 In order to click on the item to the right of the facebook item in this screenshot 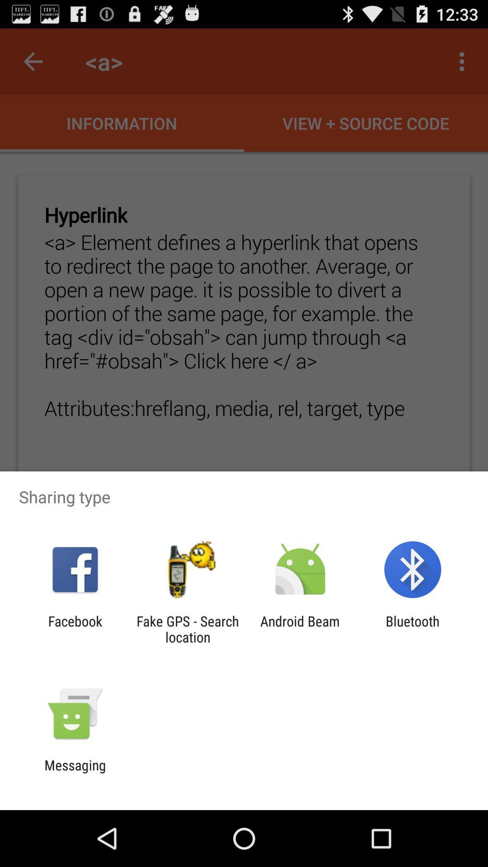, I will do `click(187, 629)`.